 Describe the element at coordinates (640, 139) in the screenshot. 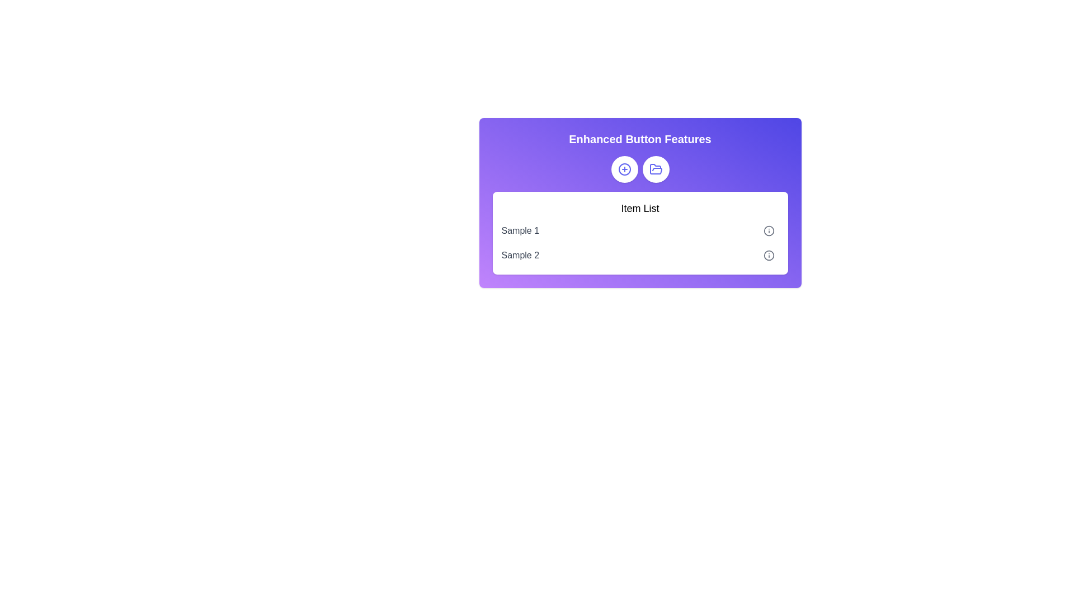

I see `the text label that reads 'Enhanced Button Features', which is styled with a large and bold white font and is centrally positioned above two circular buttons` at that location.